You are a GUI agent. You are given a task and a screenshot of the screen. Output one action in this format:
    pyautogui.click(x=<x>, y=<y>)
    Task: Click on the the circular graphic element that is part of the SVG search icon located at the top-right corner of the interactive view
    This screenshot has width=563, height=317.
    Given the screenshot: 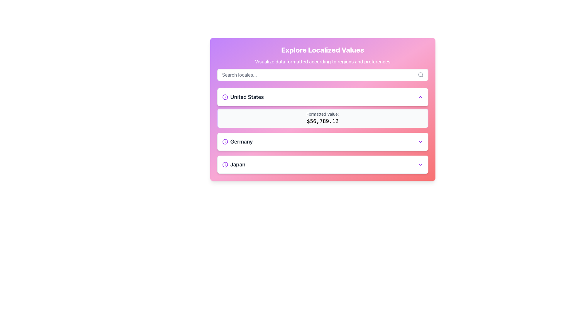 What is the action you would take?
    pyautogui.click(x=420, y=74)
    